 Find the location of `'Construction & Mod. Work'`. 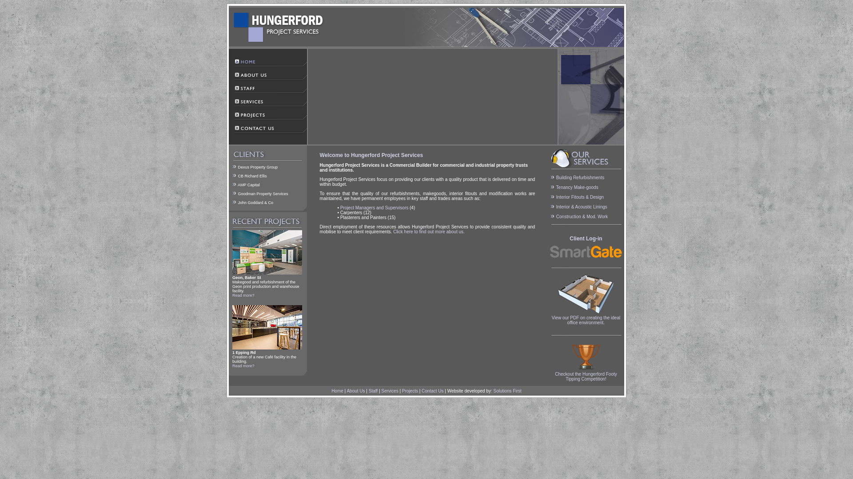

'Construction & Mod. Work' is located at coordinates (582, 216).